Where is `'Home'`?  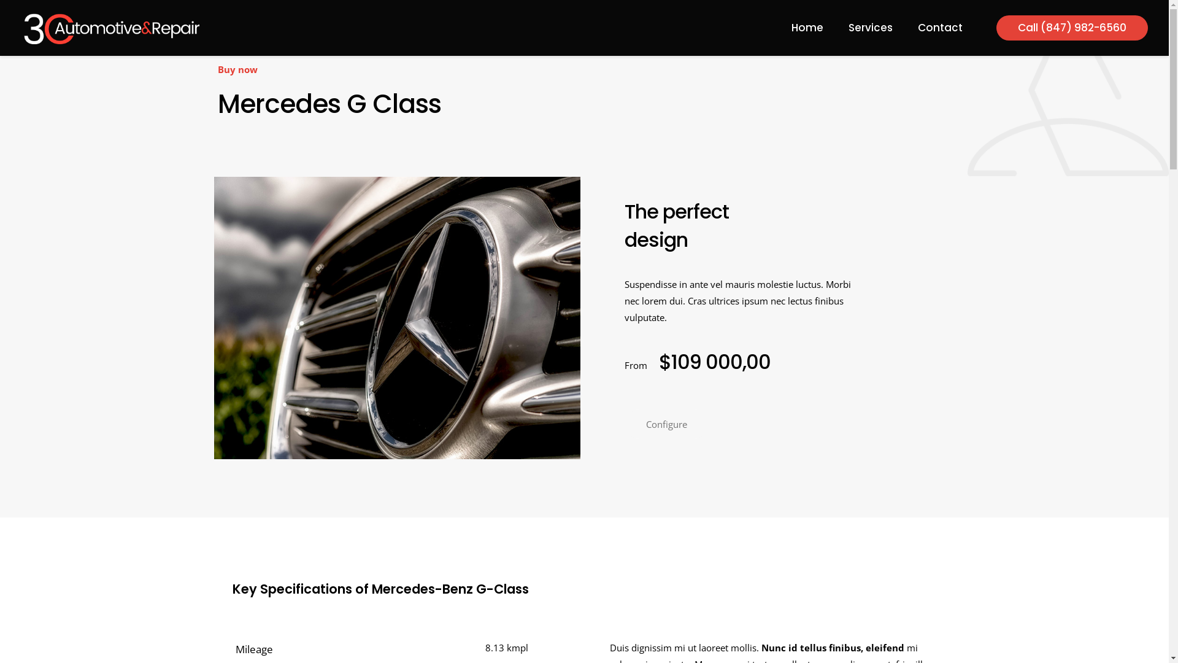
'Home' is located at coordinates (807, 28).